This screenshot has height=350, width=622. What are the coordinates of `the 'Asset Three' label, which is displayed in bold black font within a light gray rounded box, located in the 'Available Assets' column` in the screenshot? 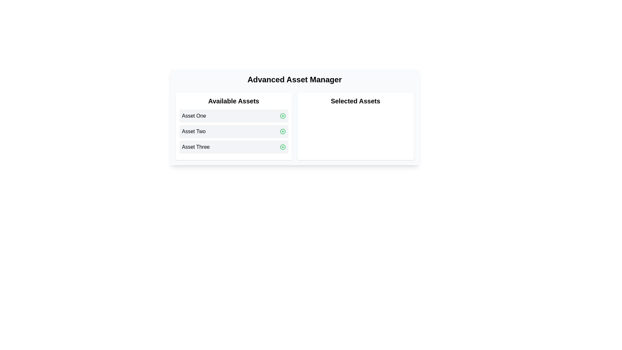 It's located at (195, 147).